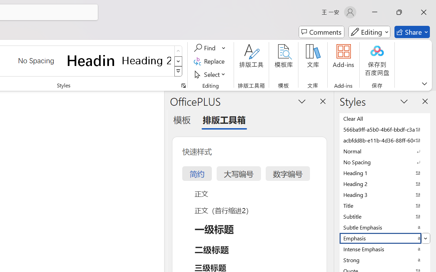 The image size is (436, 272). What do you see at coordinates (321, 32) in the screenshot?
I see `'Comments'` at bounding box center [321, 32].